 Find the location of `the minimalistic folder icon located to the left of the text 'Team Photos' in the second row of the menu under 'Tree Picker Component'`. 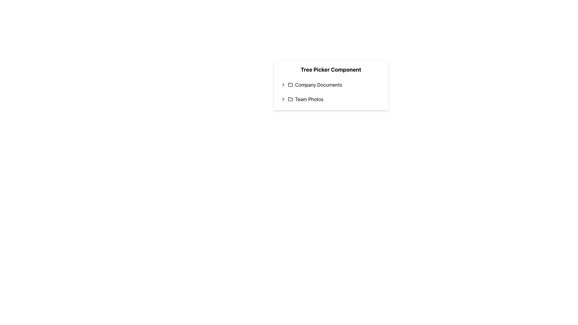

the minimalistic folder icon located to the left of the text 'Team Photos' in the second row of the menu under 'Tree Picker Component' is located at coordinates (290, 99).